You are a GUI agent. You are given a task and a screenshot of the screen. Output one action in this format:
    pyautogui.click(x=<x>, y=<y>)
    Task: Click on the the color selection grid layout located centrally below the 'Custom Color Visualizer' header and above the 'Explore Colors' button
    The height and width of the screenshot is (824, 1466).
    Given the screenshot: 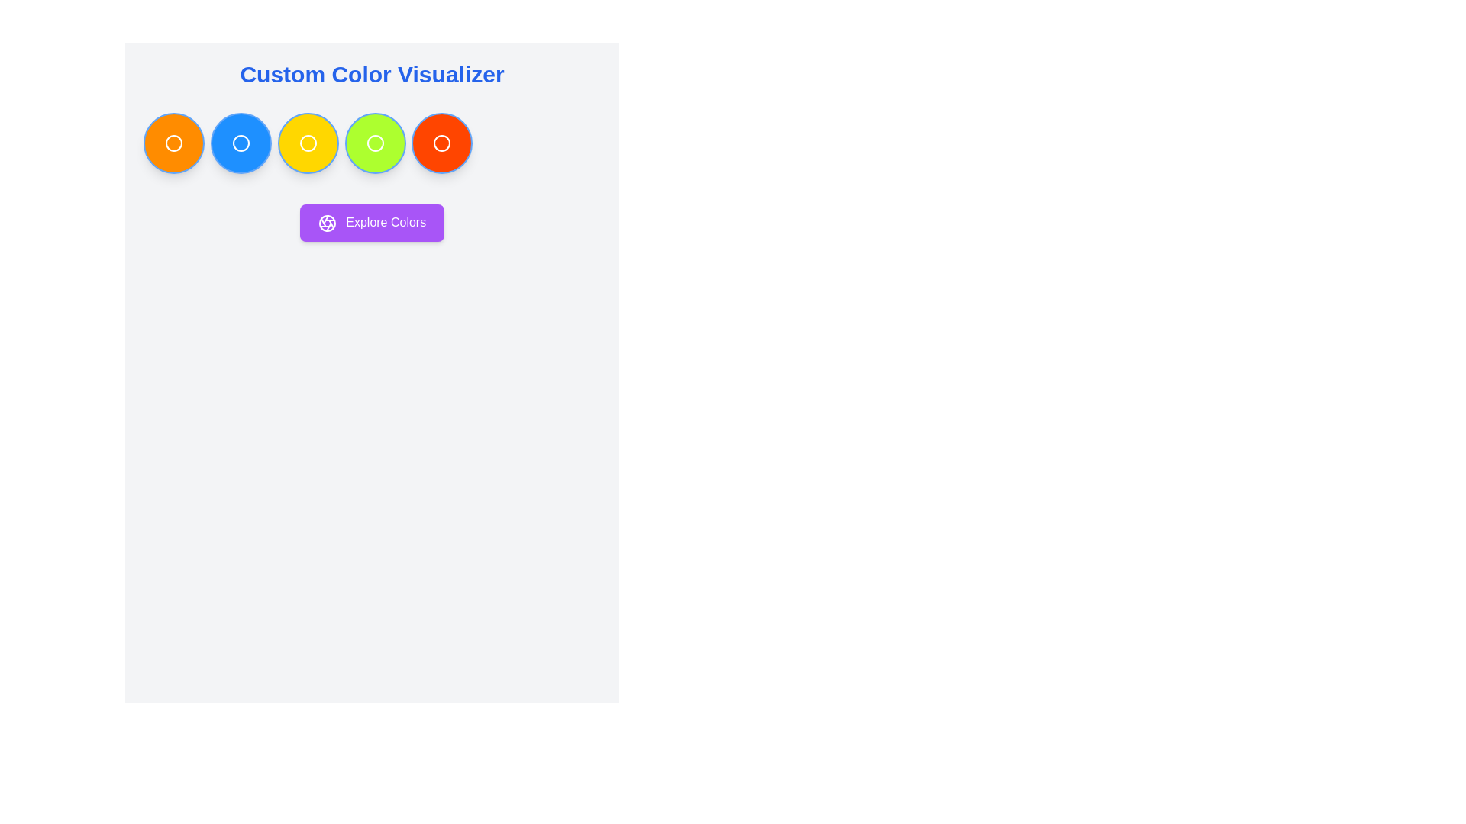 What is the action you would take?
    pyautogui.click(x=372, y=143)
    